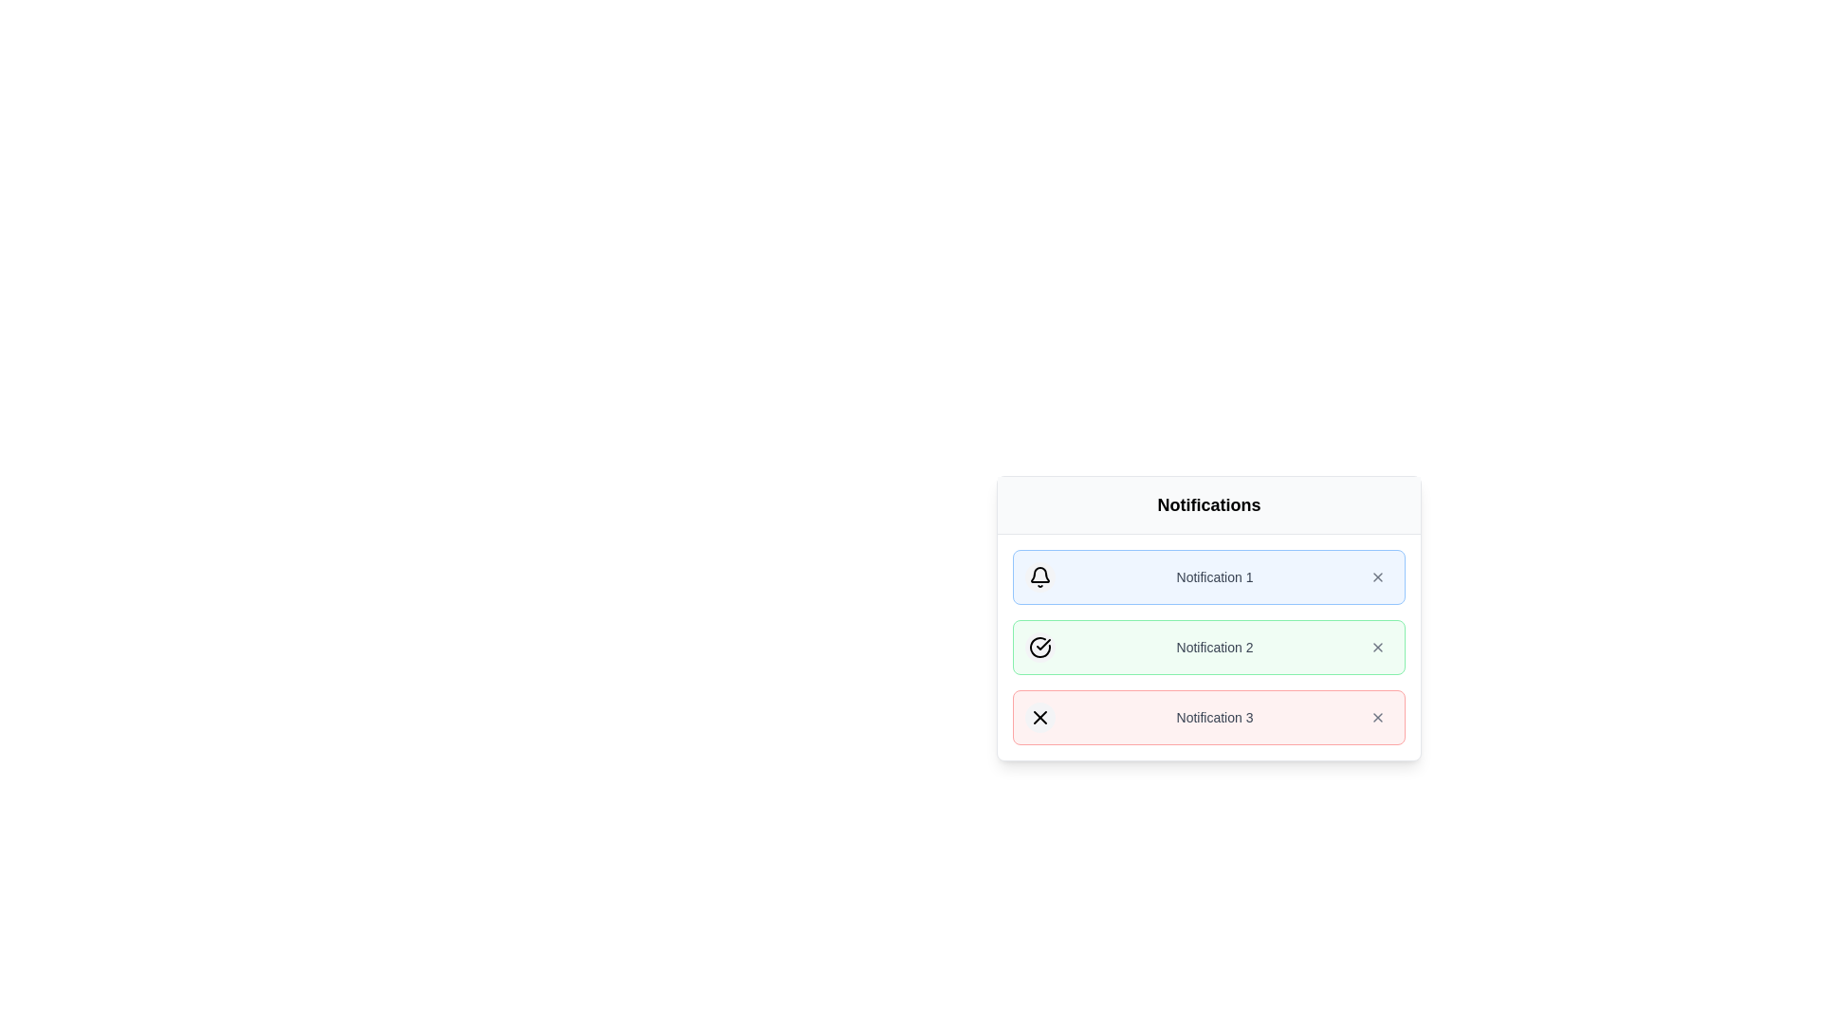 The image size is (1821, 1024). Describe the element at coordinates (1042, 643) in the screenshot. I see `the small black checkmark icon located within the second notification entry, which is highlighted with a green background, for acknowledgment` at that location.